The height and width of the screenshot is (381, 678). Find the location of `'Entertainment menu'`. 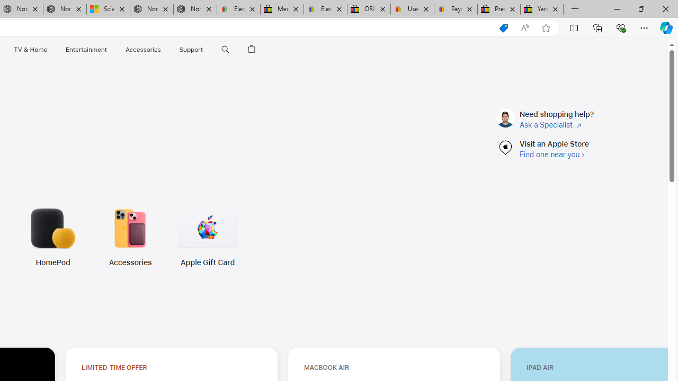

'Entertainment menu' is located at coordinates (109, 49).